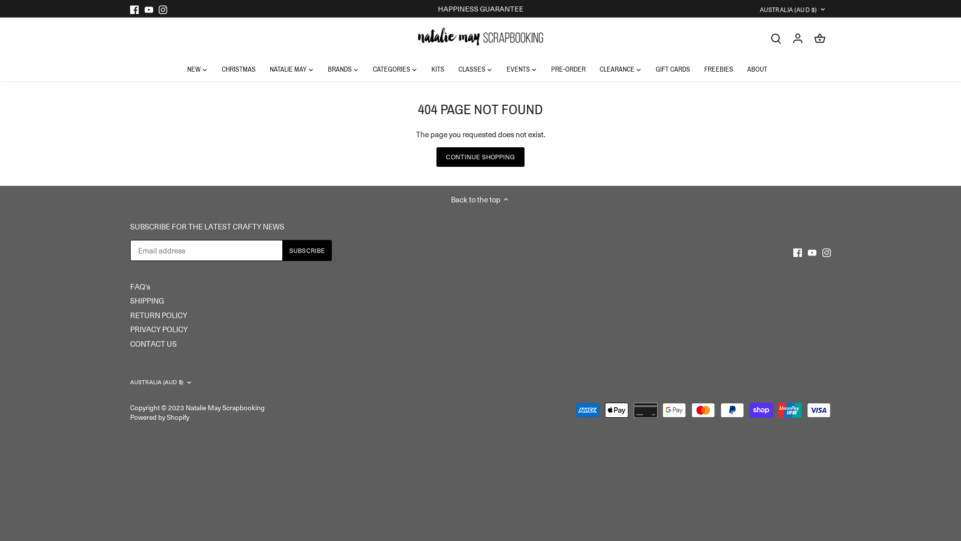 Image resolution: width=961 pixels, height=541 pixels. What do you see at coordinates (518, 69) in the screenshot?
I see `'EVENTS'` at bounding box center [518, 69].